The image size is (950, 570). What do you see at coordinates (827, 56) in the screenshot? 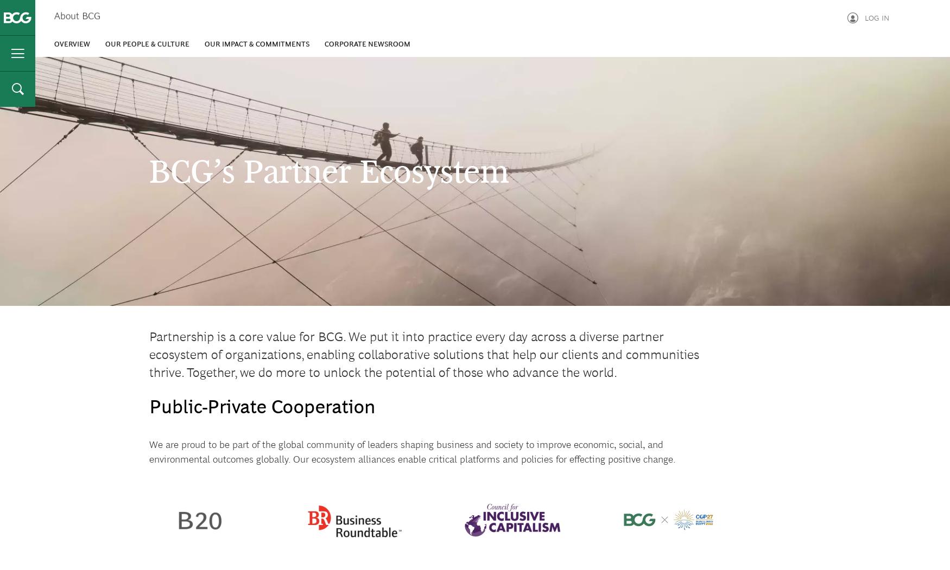
I see `'View Profile'` at bounding box center [827, 56].